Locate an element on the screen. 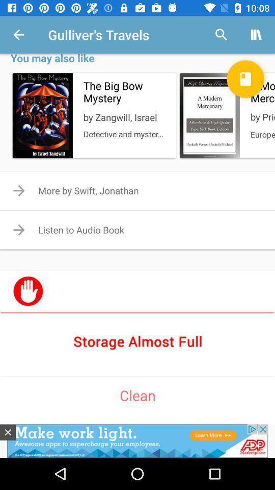 The height and width of the screenshot is (490, 275). clean storage is located at coordinates (137, 341).